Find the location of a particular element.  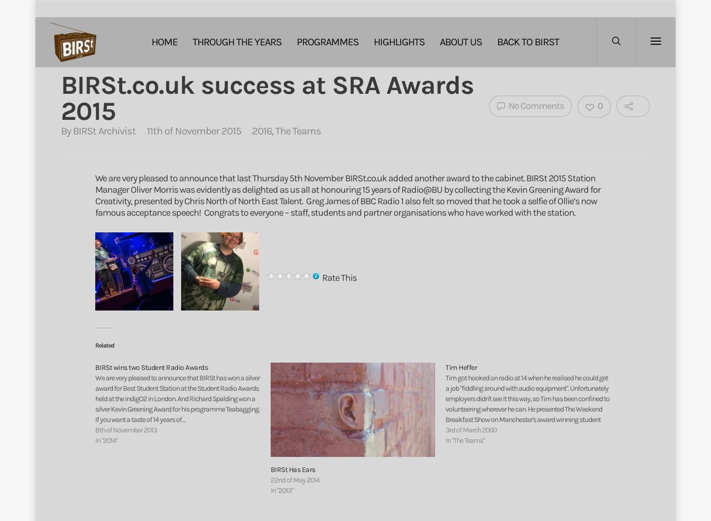

'By' is located at coordinates (66, 131).